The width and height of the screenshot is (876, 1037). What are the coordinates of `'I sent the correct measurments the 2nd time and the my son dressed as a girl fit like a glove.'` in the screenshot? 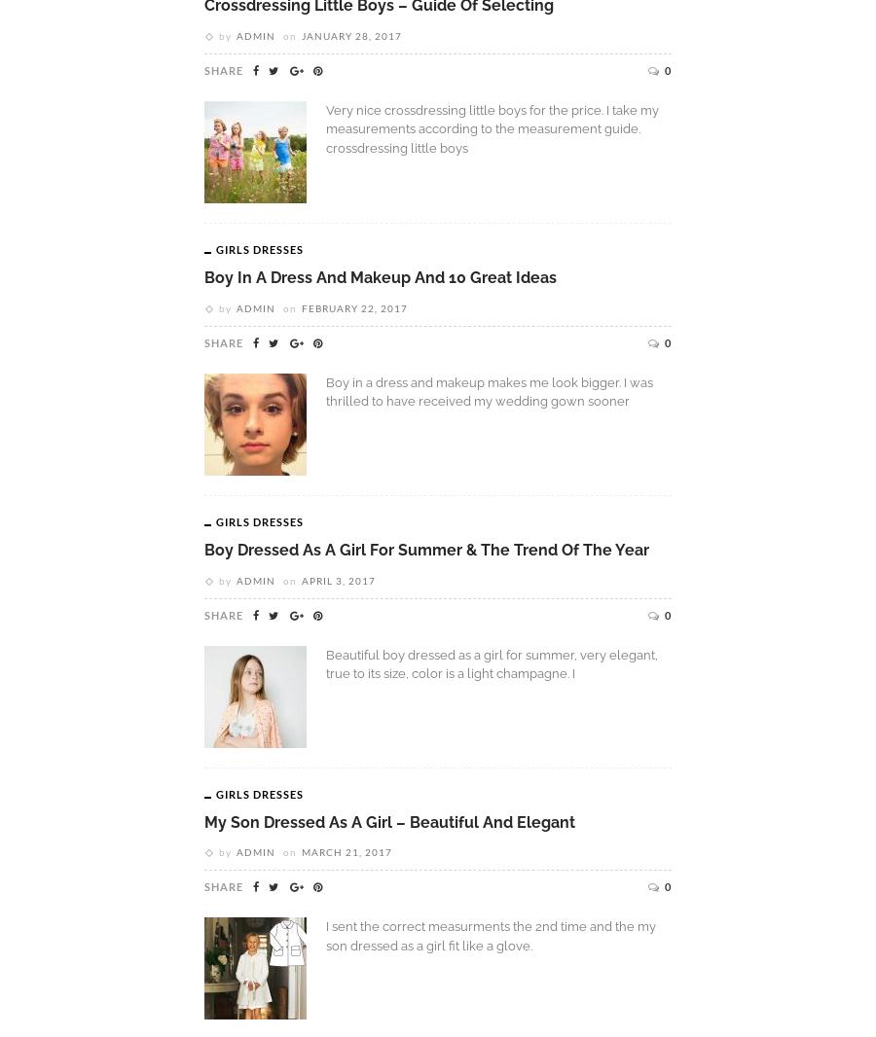 It's located at (490, 935).